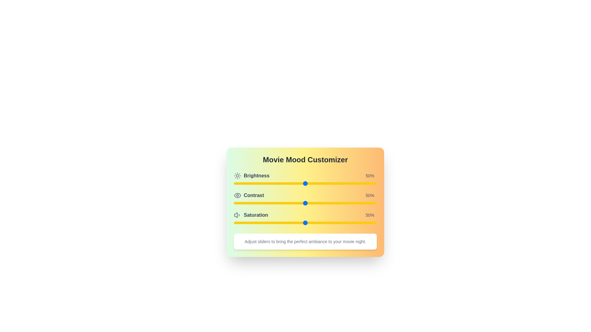 This screenshot has height=332, width=591. I want to click on the 'Contrast' label, which serves as the title for the contrast adjustment functionality in the Movie Mood Customizer panel, so click(254, 196).